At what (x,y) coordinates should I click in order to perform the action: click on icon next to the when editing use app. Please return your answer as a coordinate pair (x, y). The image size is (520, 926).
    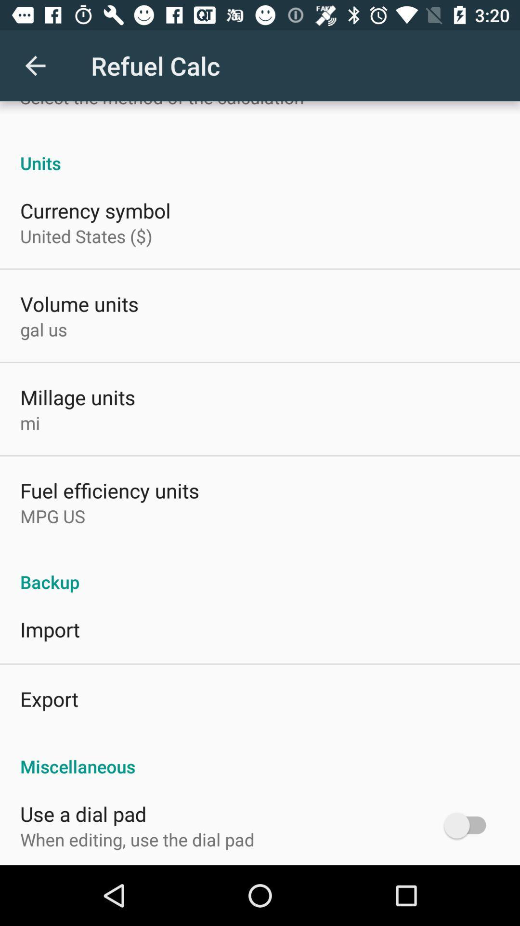
    Looking at the image, I should click on (469, 825).